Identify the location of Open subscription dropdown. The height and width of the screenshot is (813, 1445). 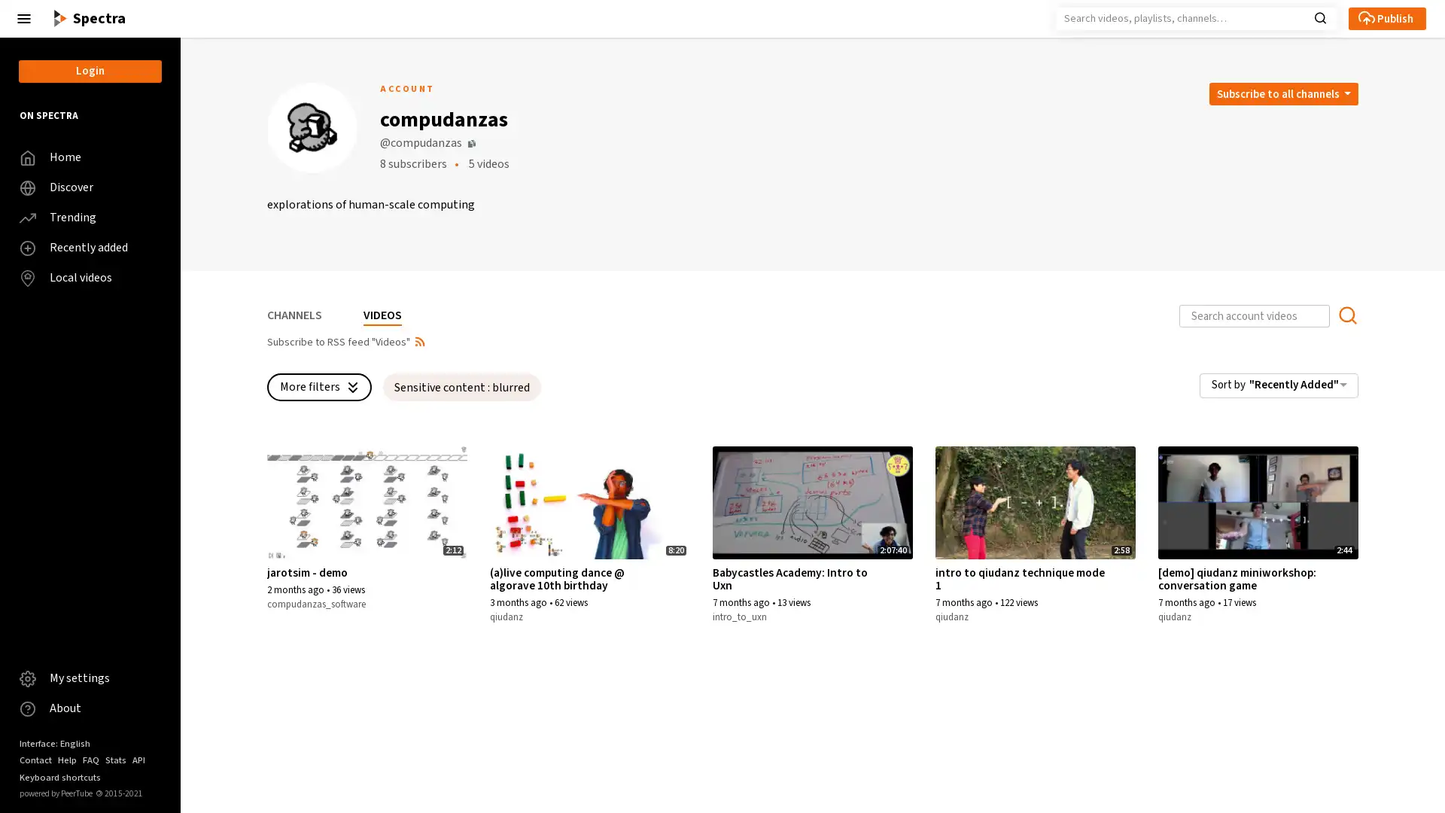
(1282, 93).